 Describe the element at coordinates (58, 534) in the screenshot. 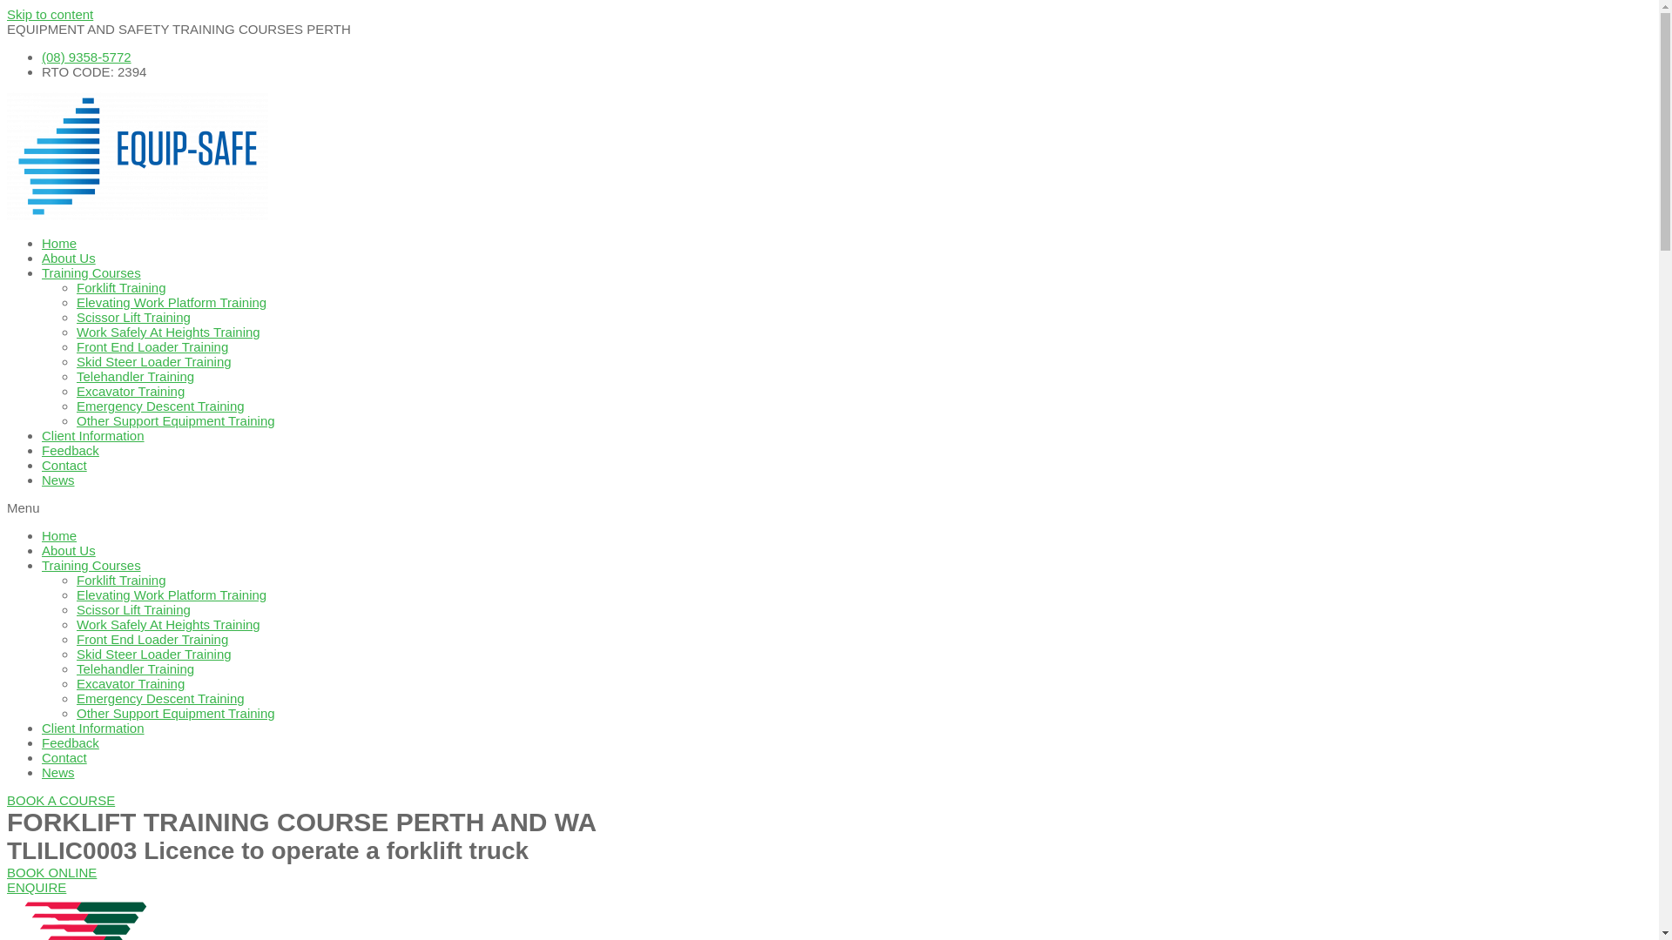

I see `'Home'` at that location.